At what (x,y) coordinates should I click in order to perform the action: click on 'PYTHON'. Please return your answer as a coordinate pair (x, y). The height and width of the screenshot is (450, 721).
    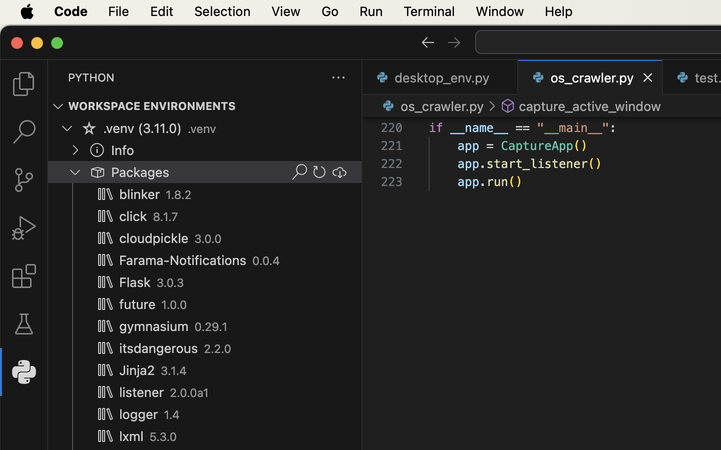
    Looking at the image, I should click on (92, 77).